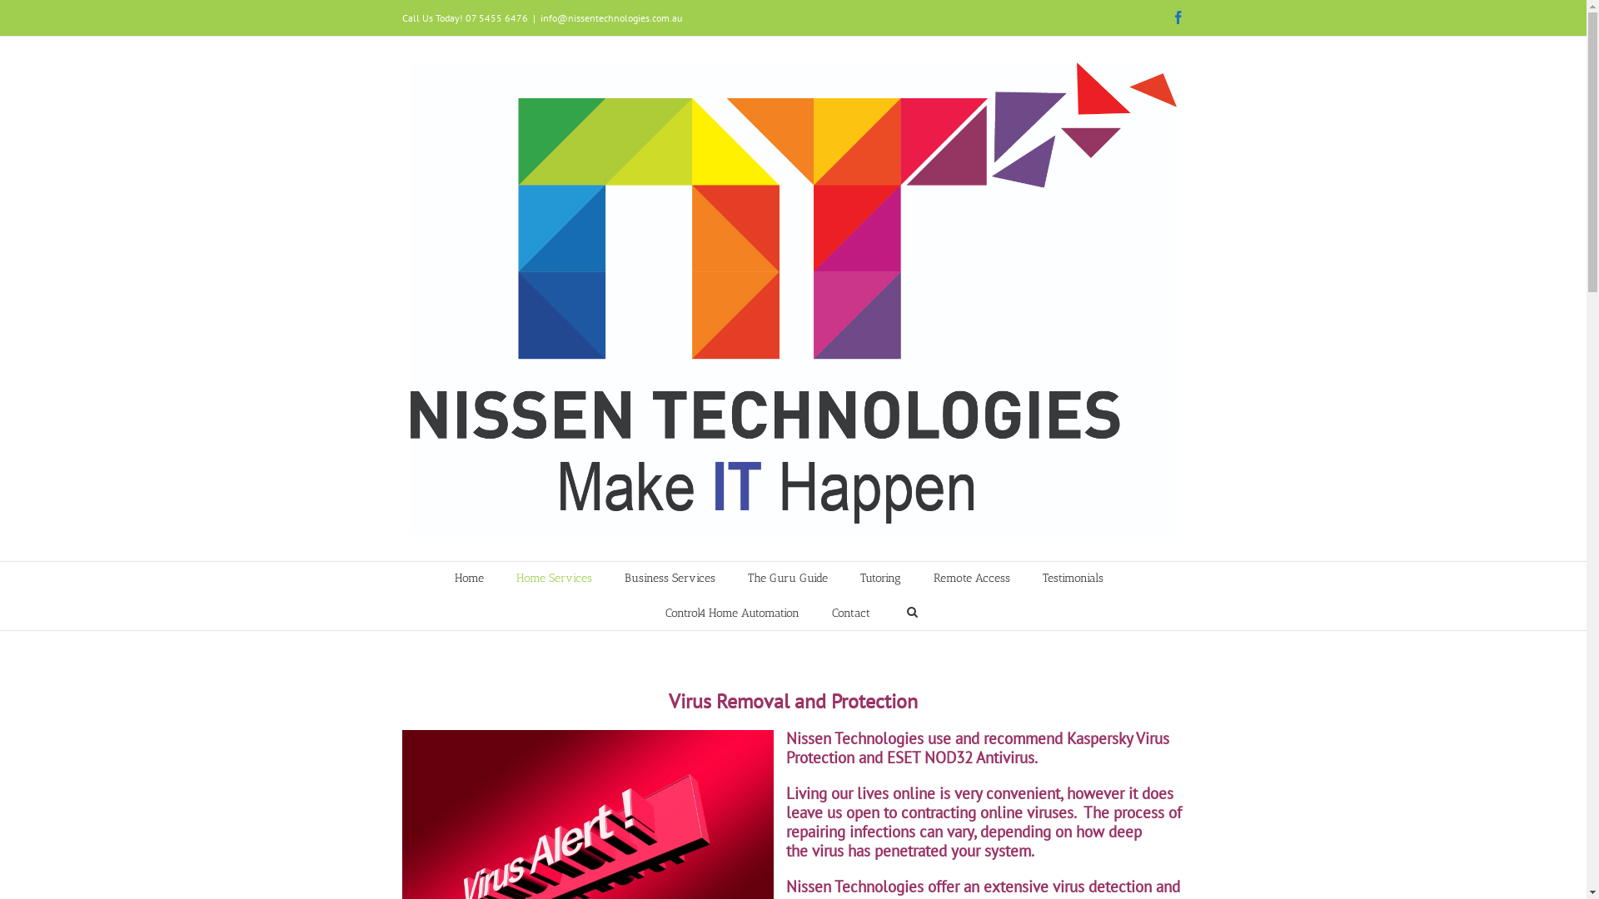  I want to click on 'Control4 Home Automation', so click(731, 613).